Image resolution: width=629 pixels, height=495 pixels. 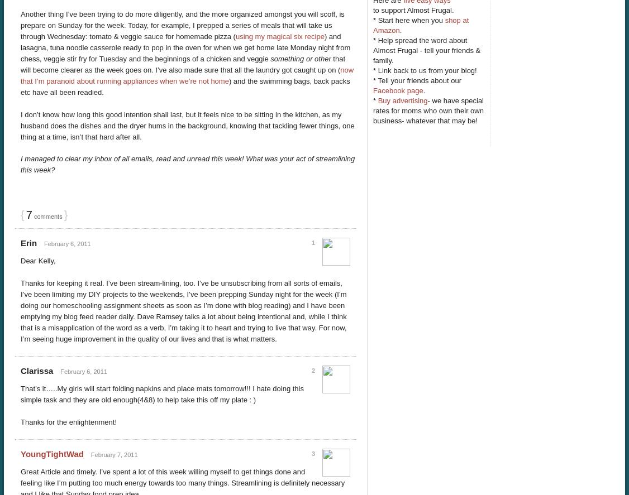 What do you see at coordinates (187, 164) in the screenshot?
I see `'I managed to clear my inbox of all emails, read and unread this week! What was your act of streamlining this week?'` at bounding box center [187, 164].